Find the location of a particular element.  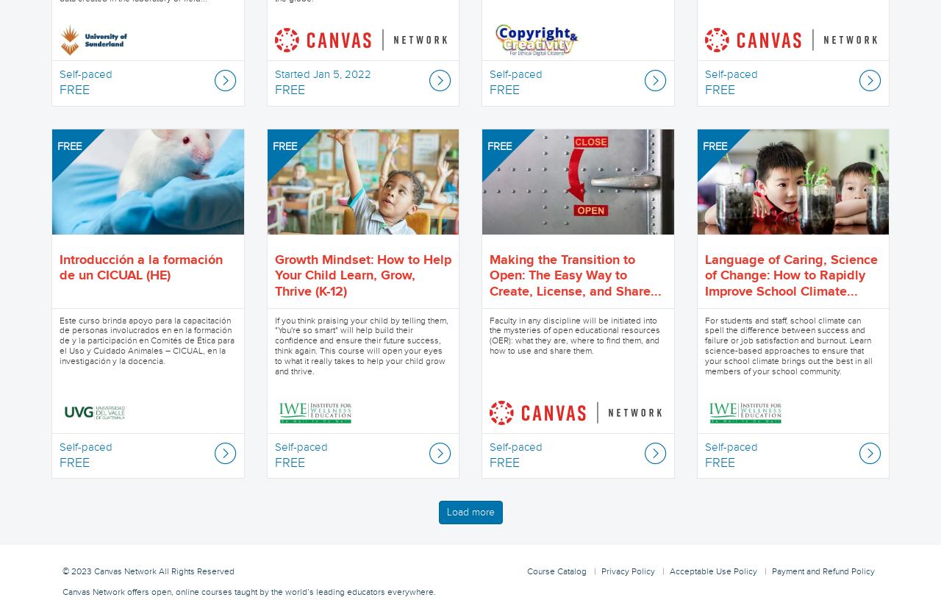

'© 2023 Canvas Network All Rights Reserved' is located at coordinates (148, 570).